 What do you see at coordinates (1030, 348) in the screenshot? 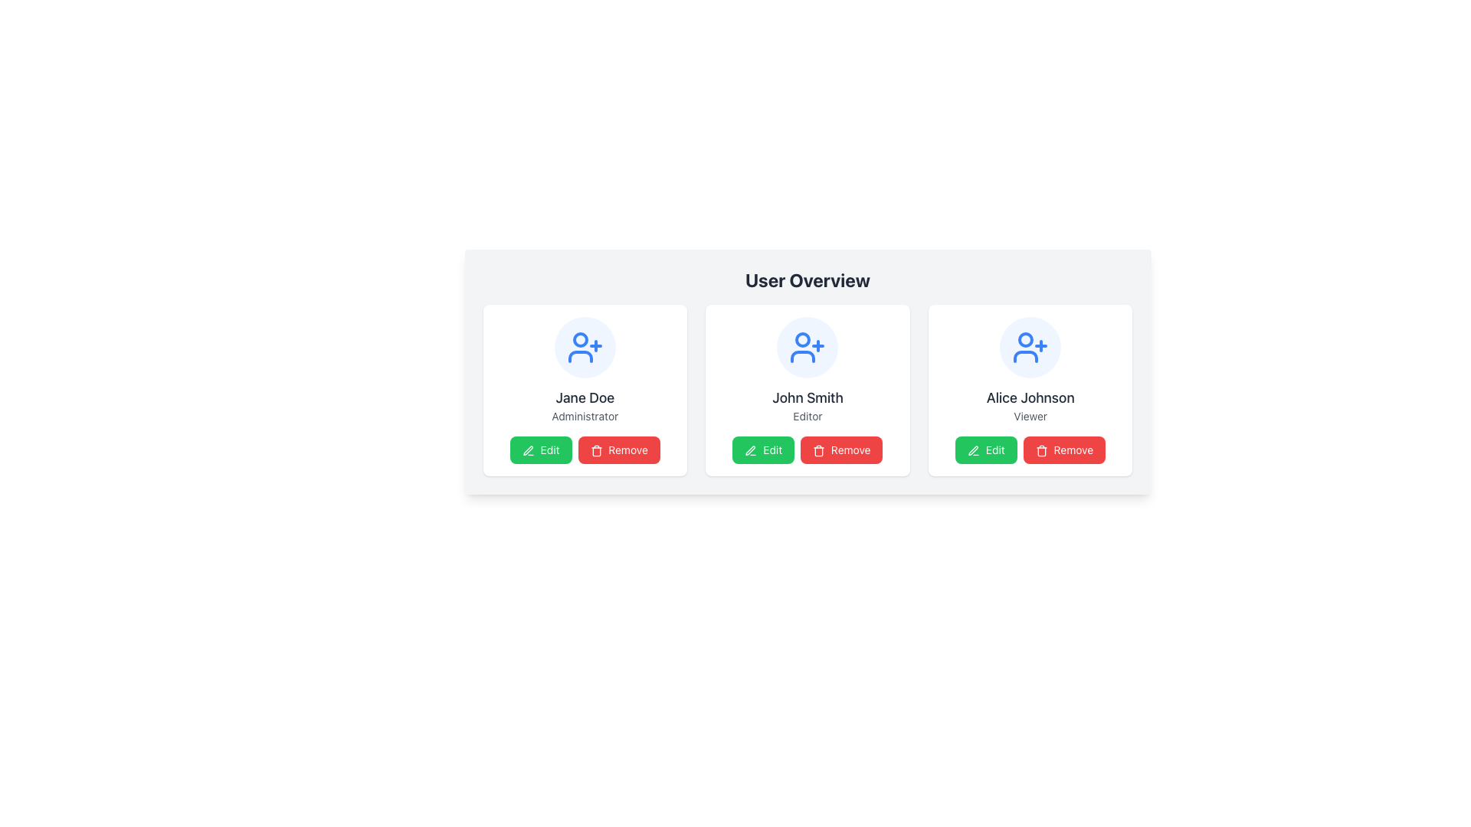
I see `the circular icon with a light blue background and a blue user profile vector, located at the top center of the card for 'Alice Johnson' in the 'User Overview' section` at bounding box center [1030, 348].